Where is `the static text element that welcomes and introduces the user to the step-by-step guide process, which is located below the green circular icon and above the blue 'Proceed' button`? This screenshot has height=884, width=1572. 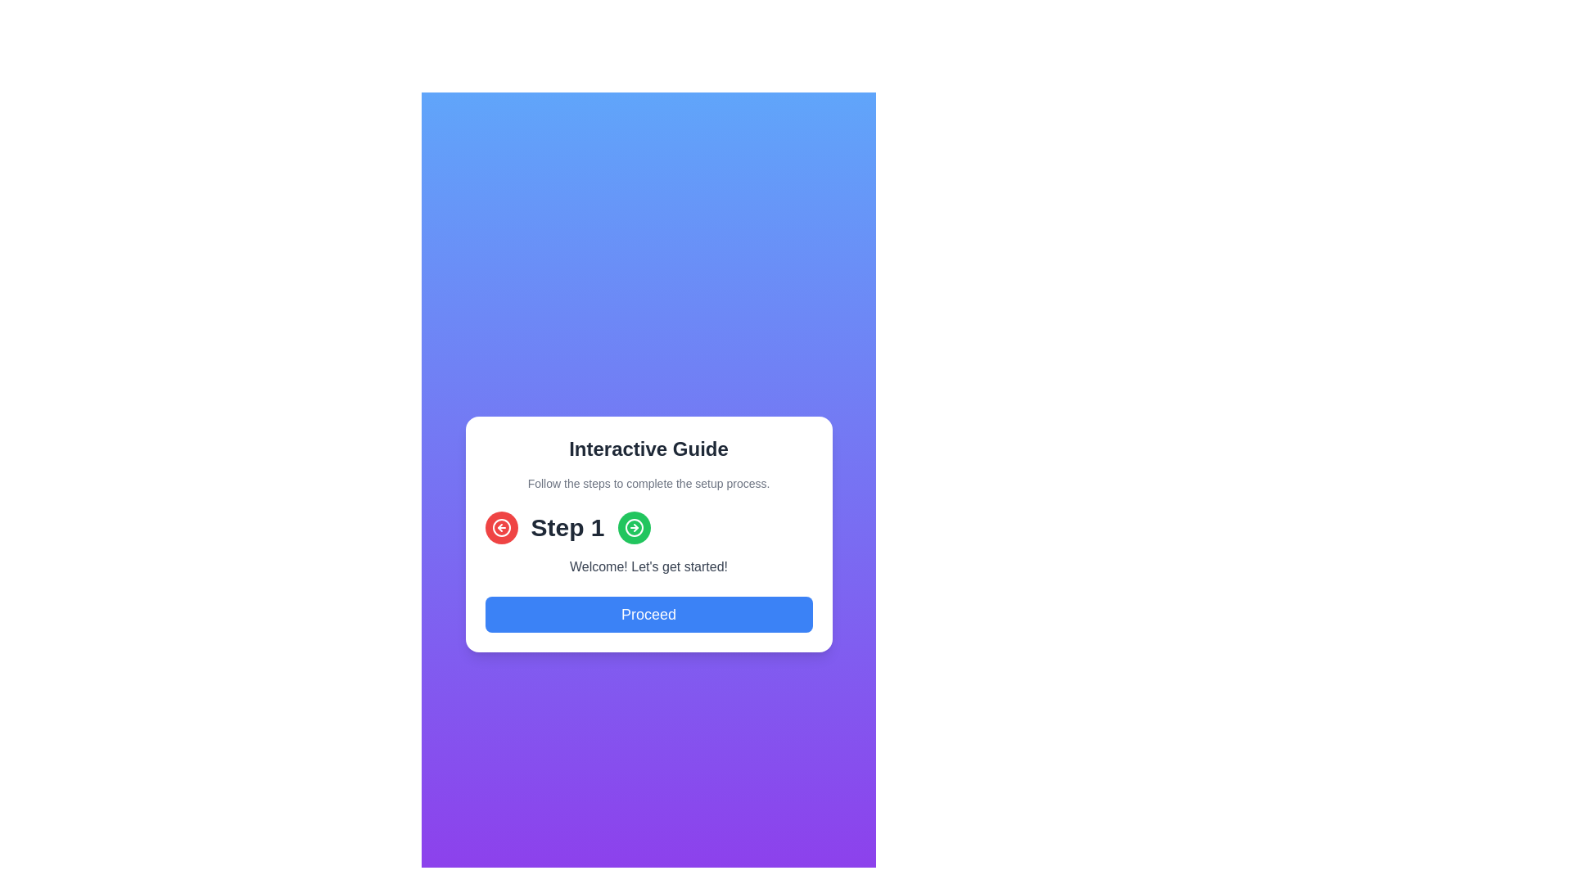
the static text element that welcomes and introduces the user to the step-by-step guide process, which is located below the green circular icon and above the blue 'Proceed' button is located at coordinates (648, 566).